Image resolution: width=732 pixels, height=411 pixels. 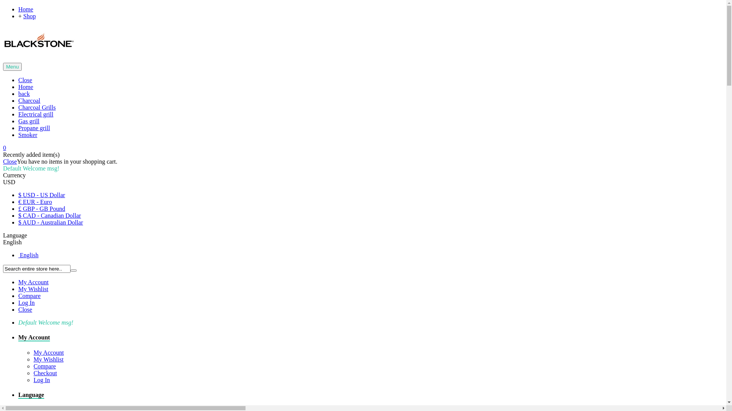 What do you see at coordinates (12, 66) in the screenshot?
I see `'Menu'` at bounding box center [12, 66].